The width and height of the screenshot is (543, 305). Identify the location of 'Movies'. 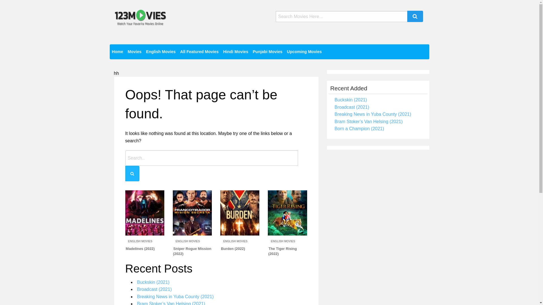
(125, 52).